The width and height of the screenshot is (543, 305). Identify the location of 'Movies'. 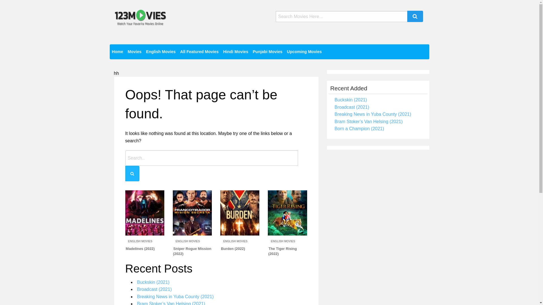
(125, 52).